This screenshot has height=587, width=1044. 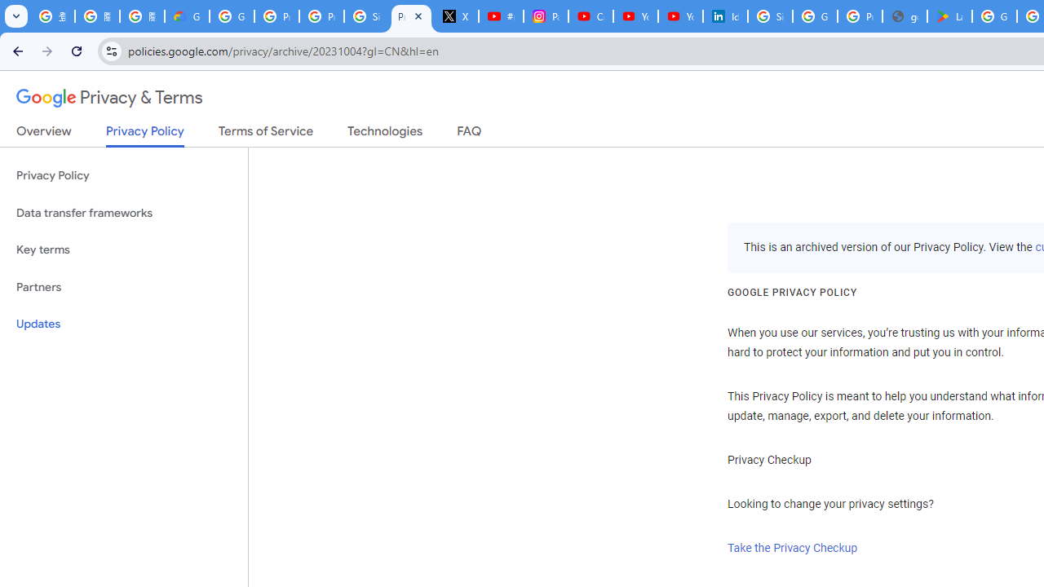 What do you see at coordinates (949, 16) in the screenshot?
I see `'Last Shelter: Survival - Apps on Google Play'` at bounding box center [949, 16].